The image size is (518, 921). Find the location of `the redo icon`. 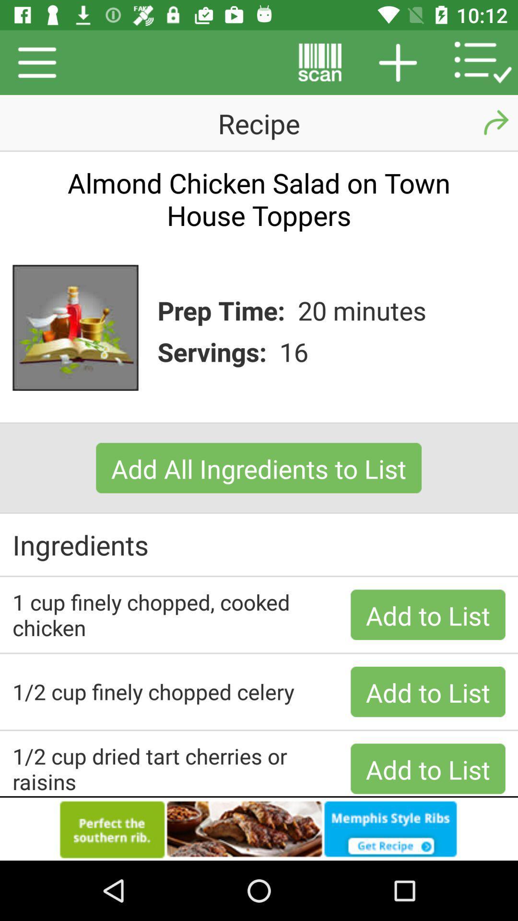

the redo icon is located at coordinates (495, 122).